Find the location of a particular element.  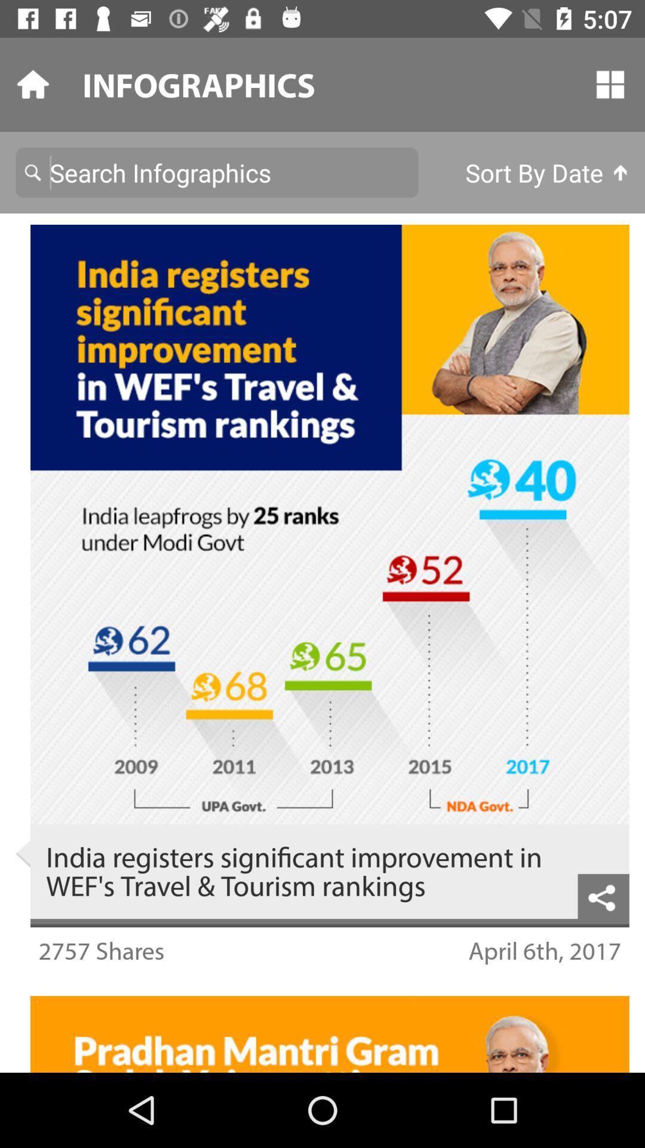

search bar is located at coordinates (217, 172).